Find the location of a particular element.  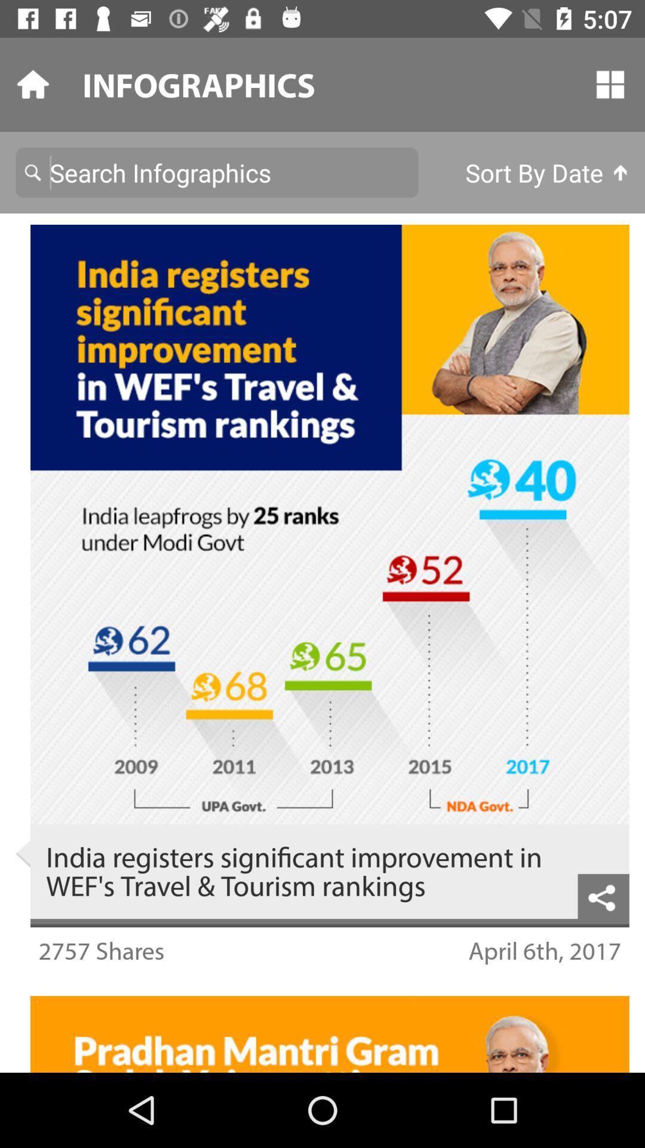

search bar is located at coordinates (217, 172).